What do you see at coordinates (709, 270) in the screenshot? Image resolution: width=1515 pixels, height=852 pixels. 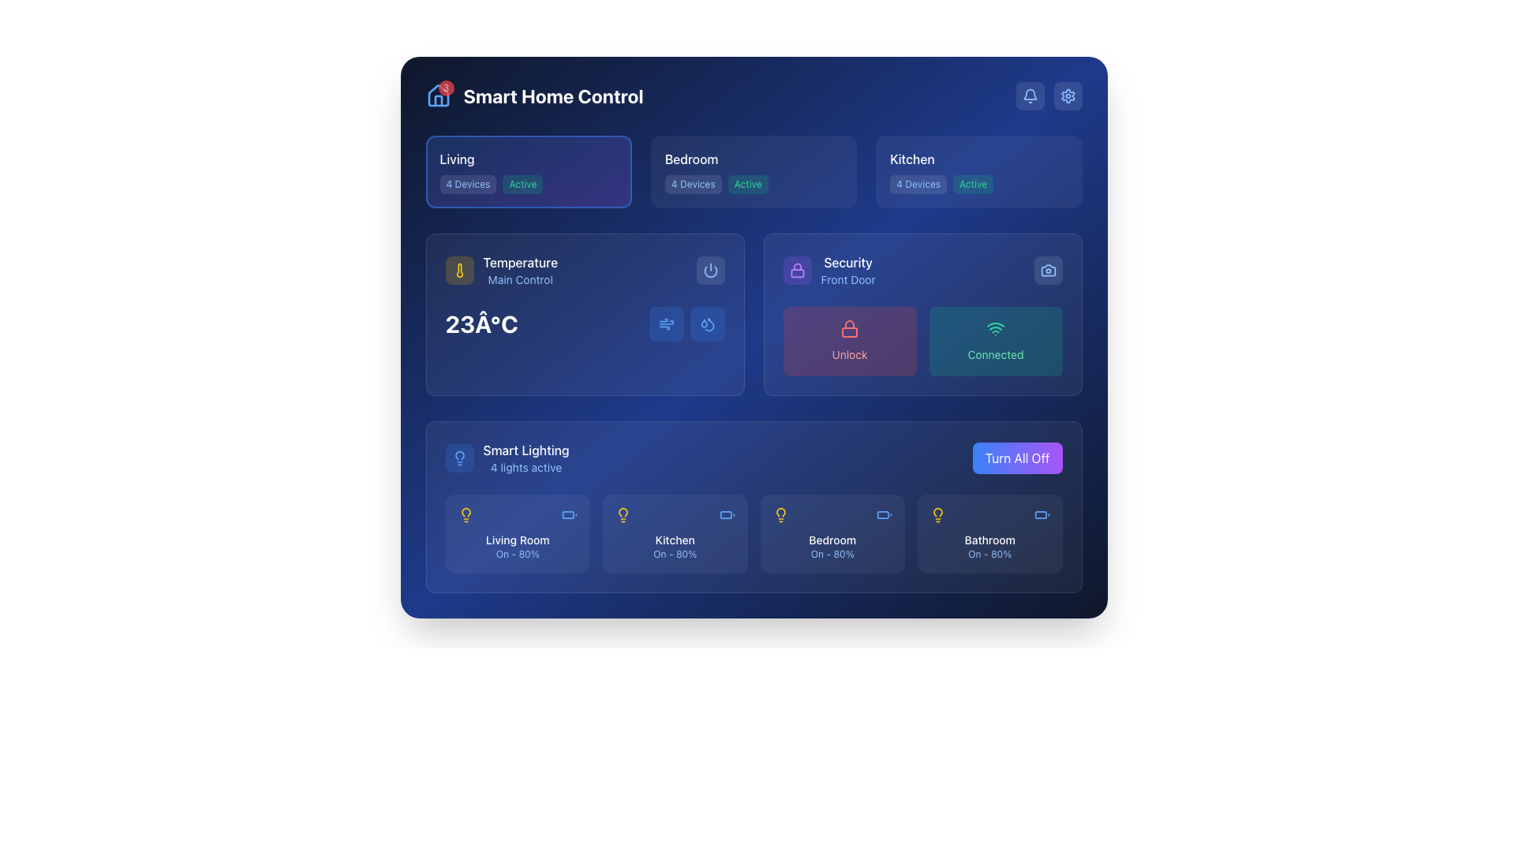 I see `the button with a dark background and a circular power icon in blue located in the top-right corner of the 'Temperature' section for interaction feedback` at bounding box center [709, 270].